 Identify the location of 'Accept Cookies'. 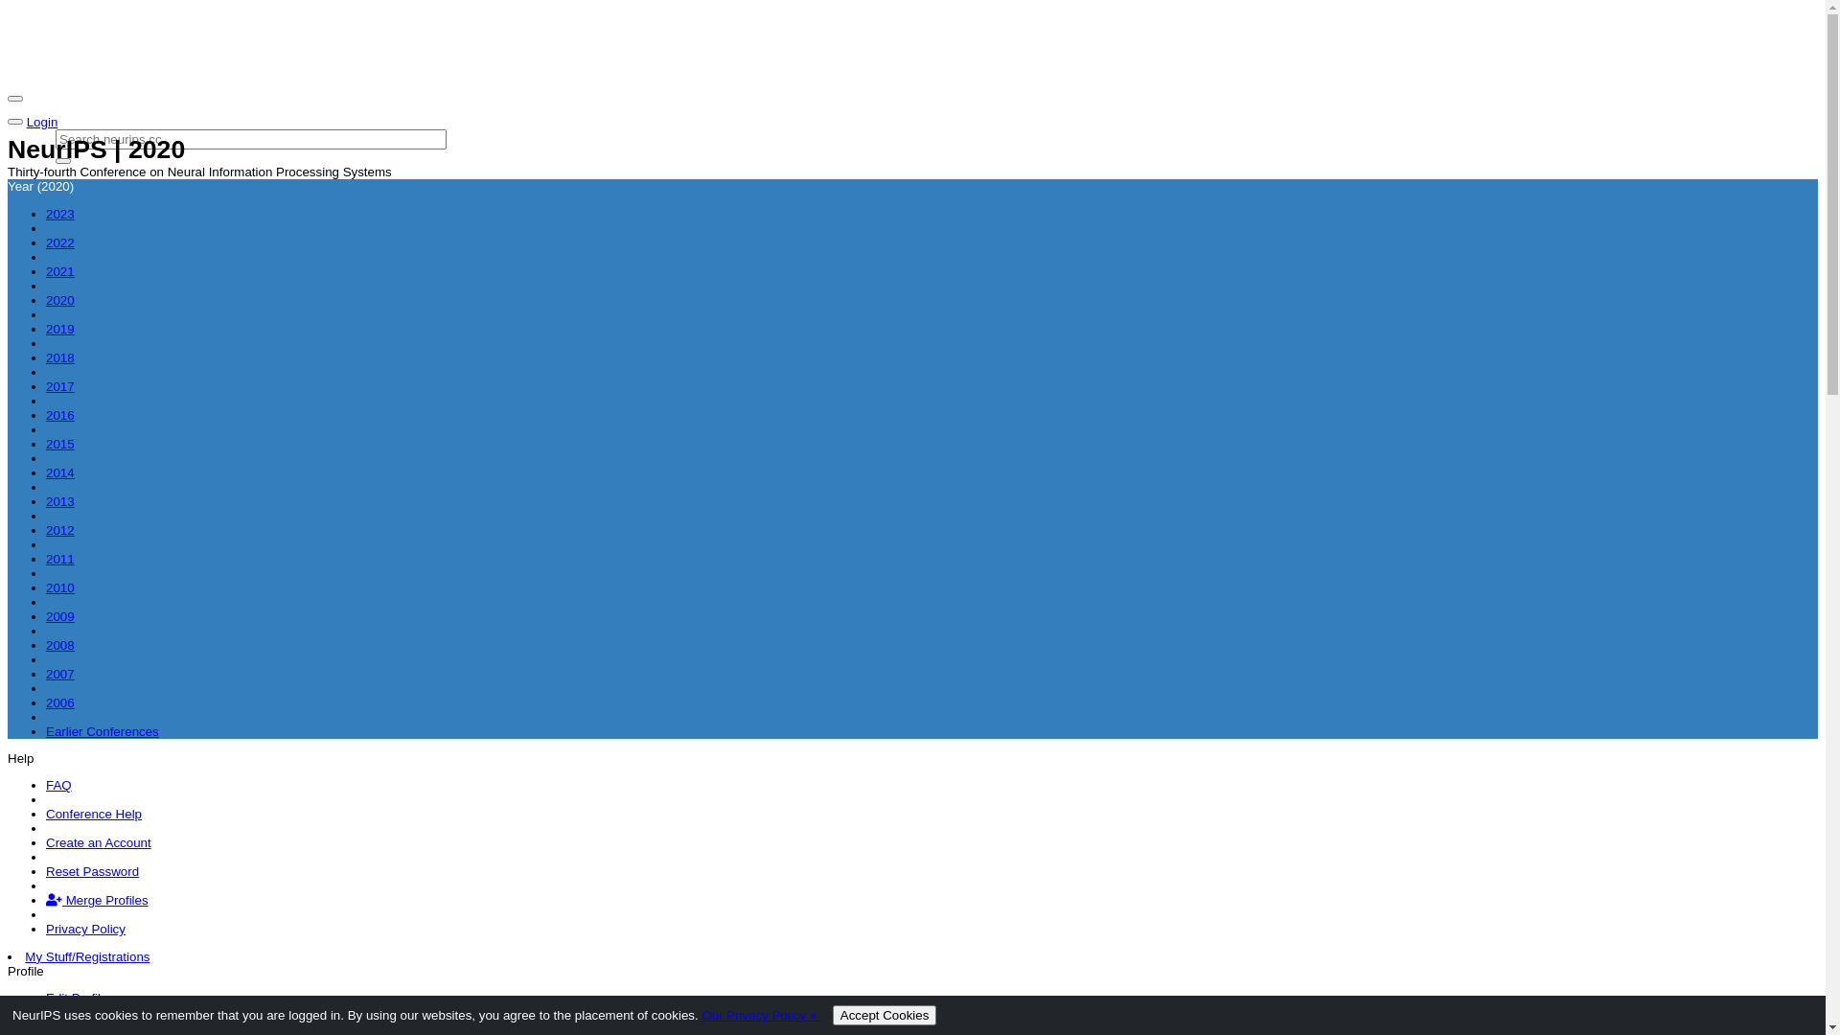
(884, 1014).